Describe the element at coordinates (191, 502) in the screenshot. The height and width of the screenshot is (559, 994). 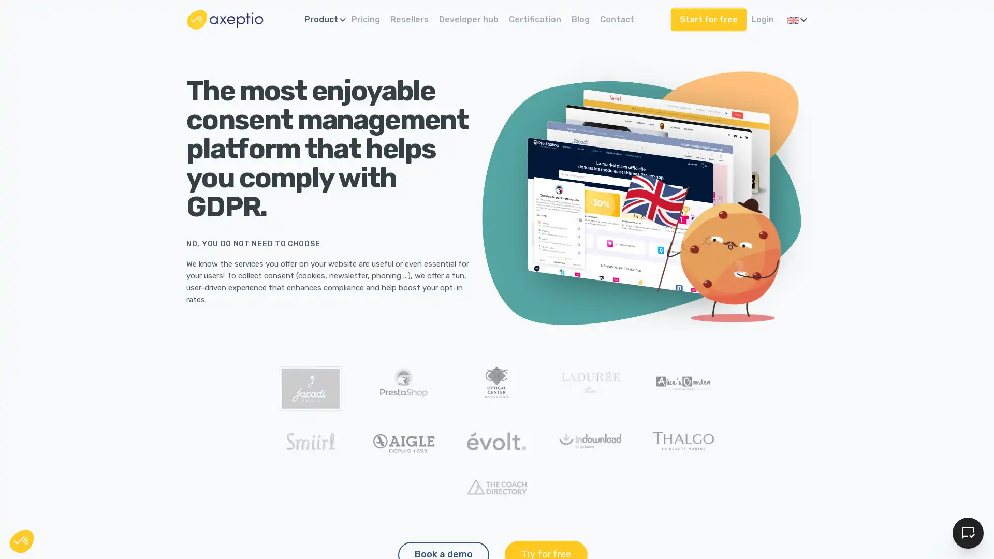
I see `Accept and close` at that location.